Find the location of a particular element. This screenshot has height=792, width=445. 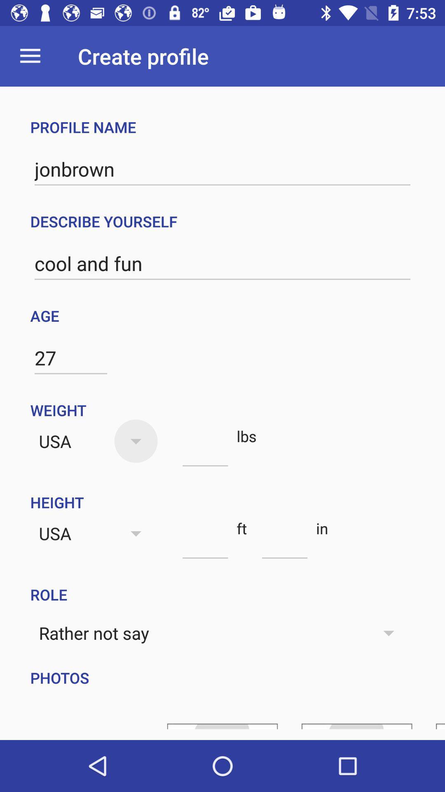

height measurement is located at coordinates (205, 544).